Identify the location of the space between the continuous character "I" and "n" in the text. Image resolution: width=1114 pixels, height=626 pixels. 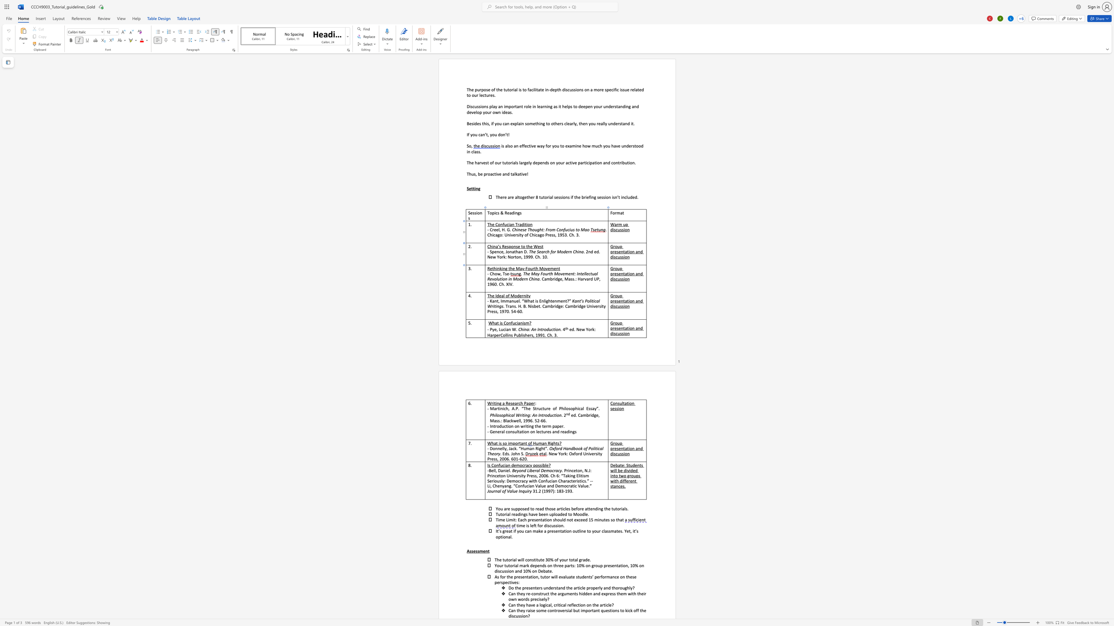
(578, 273).